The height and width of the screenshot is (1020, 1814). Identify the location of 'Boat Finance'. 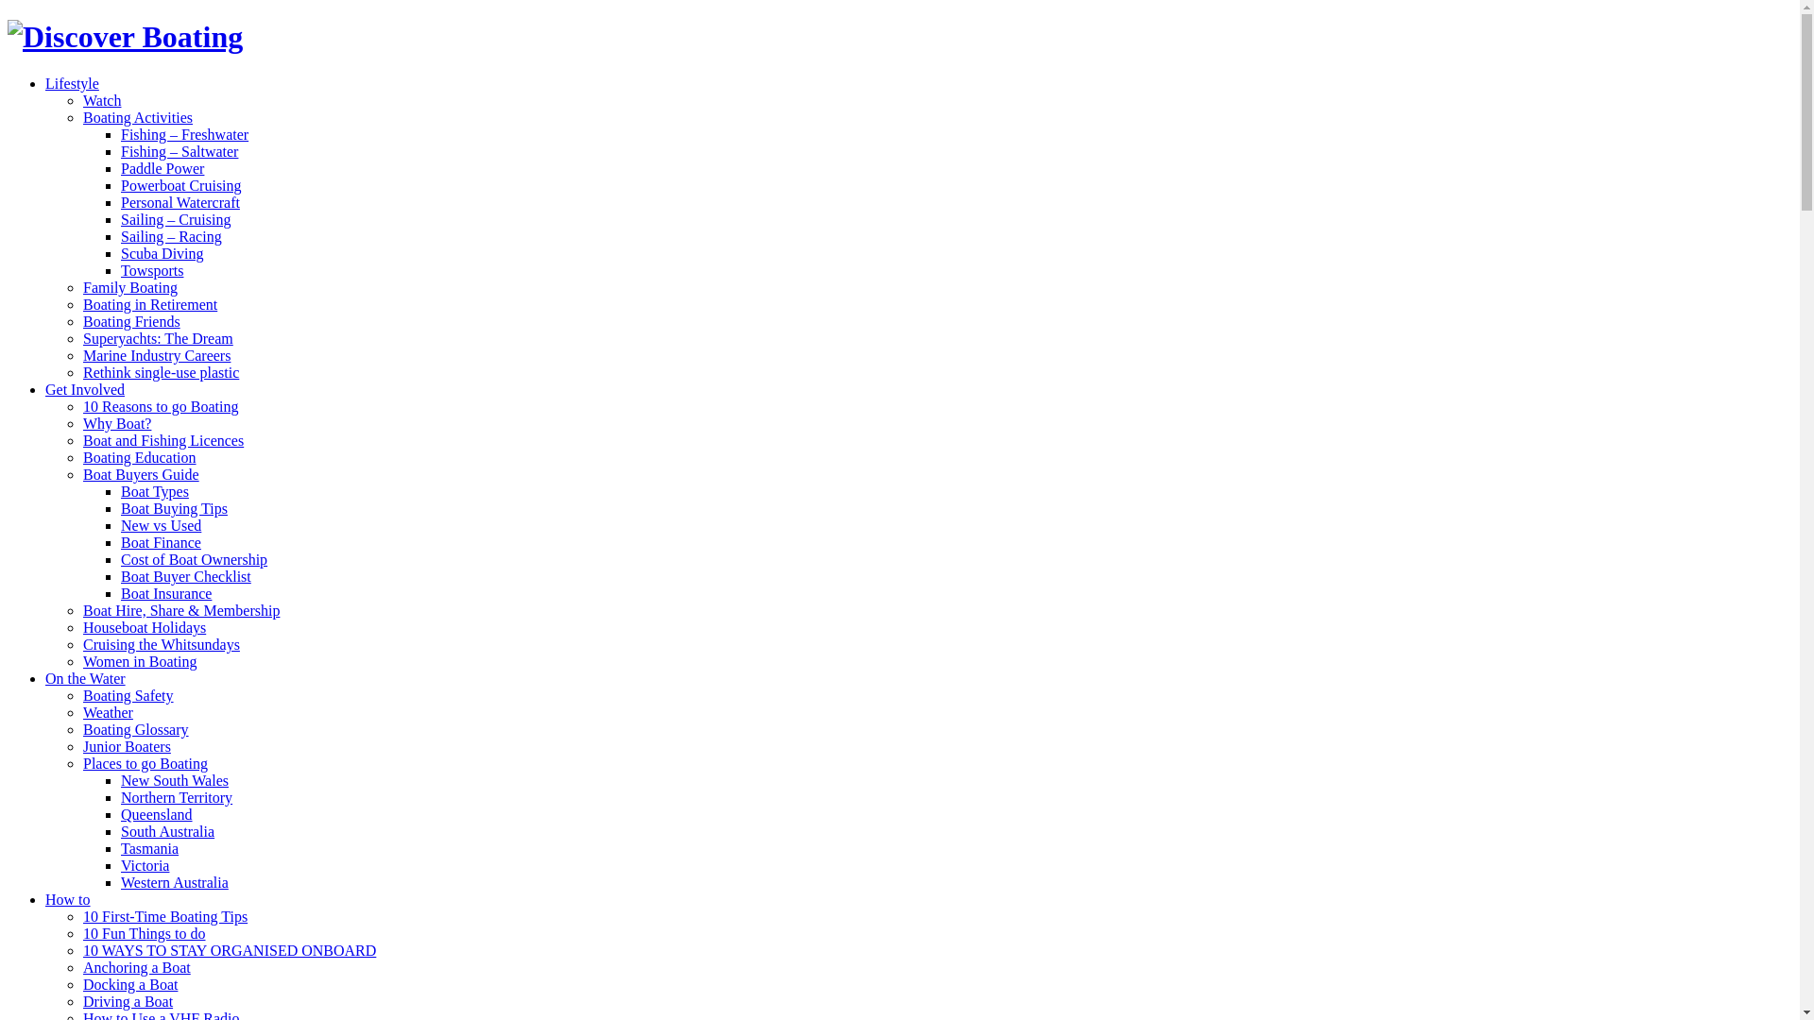
(161, 542).